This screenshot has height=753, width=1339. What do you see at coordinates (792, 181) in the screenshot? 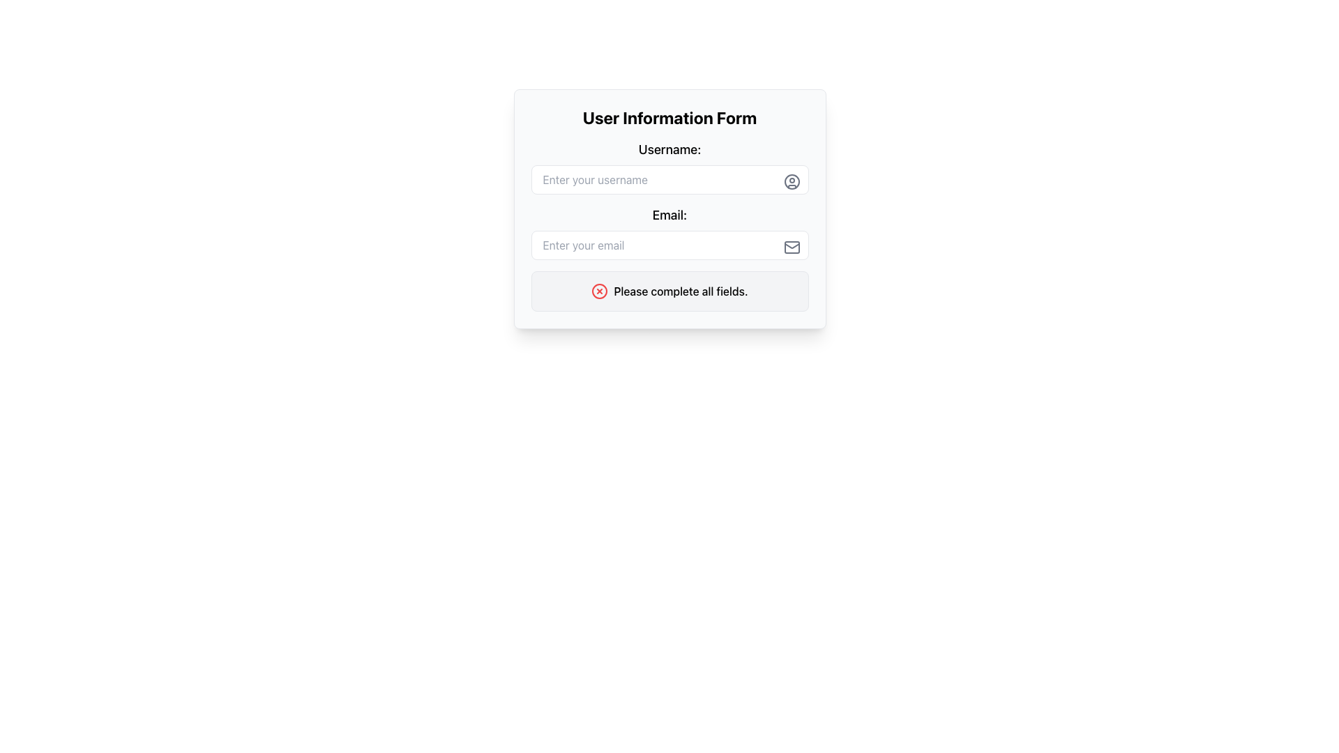
I see `the circular user profile icon with a gray outline located in the right section of the username input field` at bounding box center [792, 181].